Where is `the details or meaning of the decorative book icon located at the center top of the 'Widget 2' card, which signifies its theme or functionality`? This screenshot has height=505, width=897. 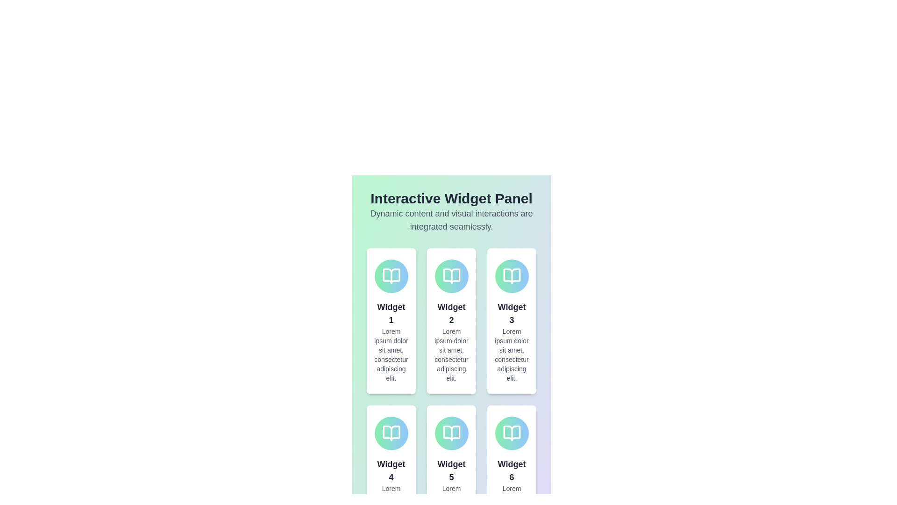 the details or meaning of the decorative book icon located at the center top of the 'Widget 2' card, which signifies its theme or functionality is located at coordinates (451, 275).